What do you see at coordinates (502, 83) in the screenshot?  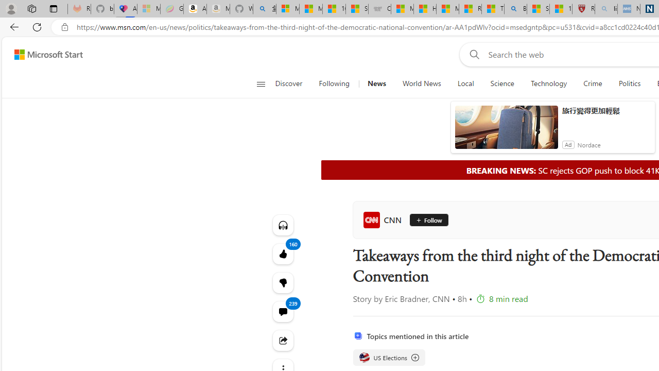 I see `'Science'` at bounding box center [502, 83].